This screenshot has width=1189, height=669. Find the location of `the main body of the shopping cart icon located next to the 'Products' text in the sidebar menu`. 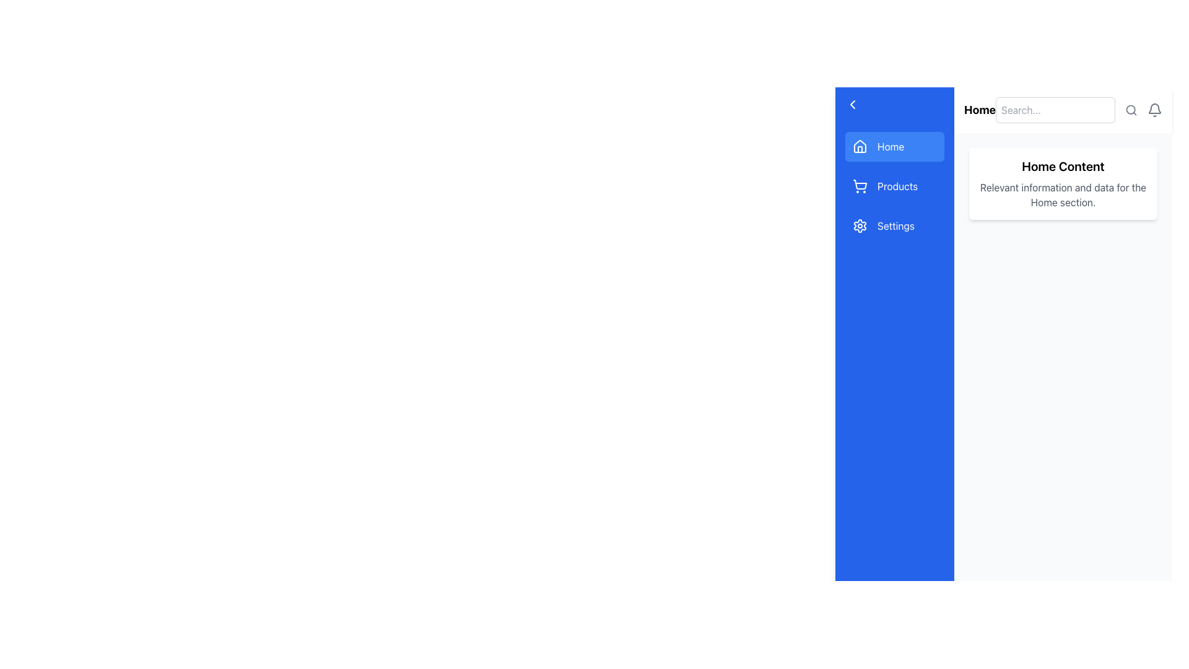

the main body of the shopping cart icon located next to the 'Products' text in the sidebar menu is located at coordinates (859, 184).